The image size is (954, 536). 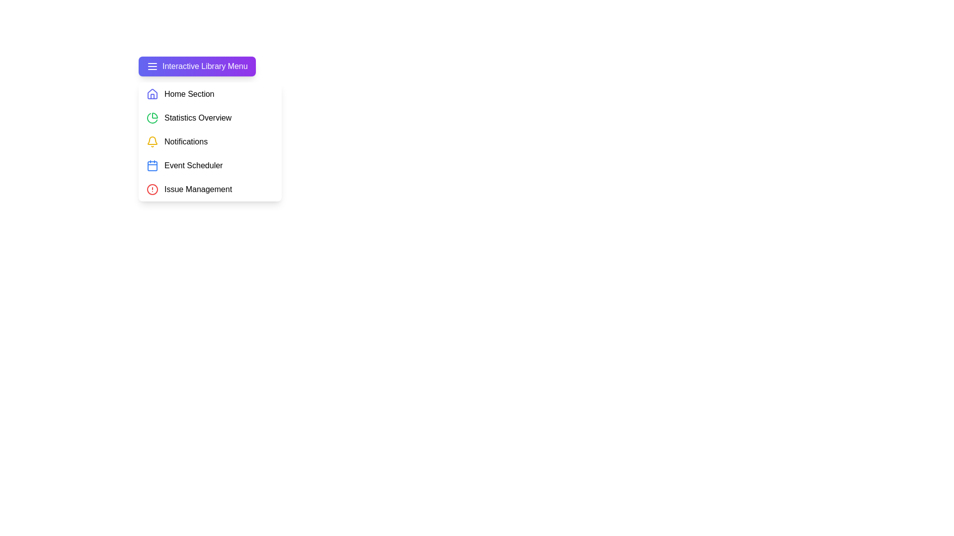 I want to click on the menu item Event Scheduler, so click(x=209, y=165).